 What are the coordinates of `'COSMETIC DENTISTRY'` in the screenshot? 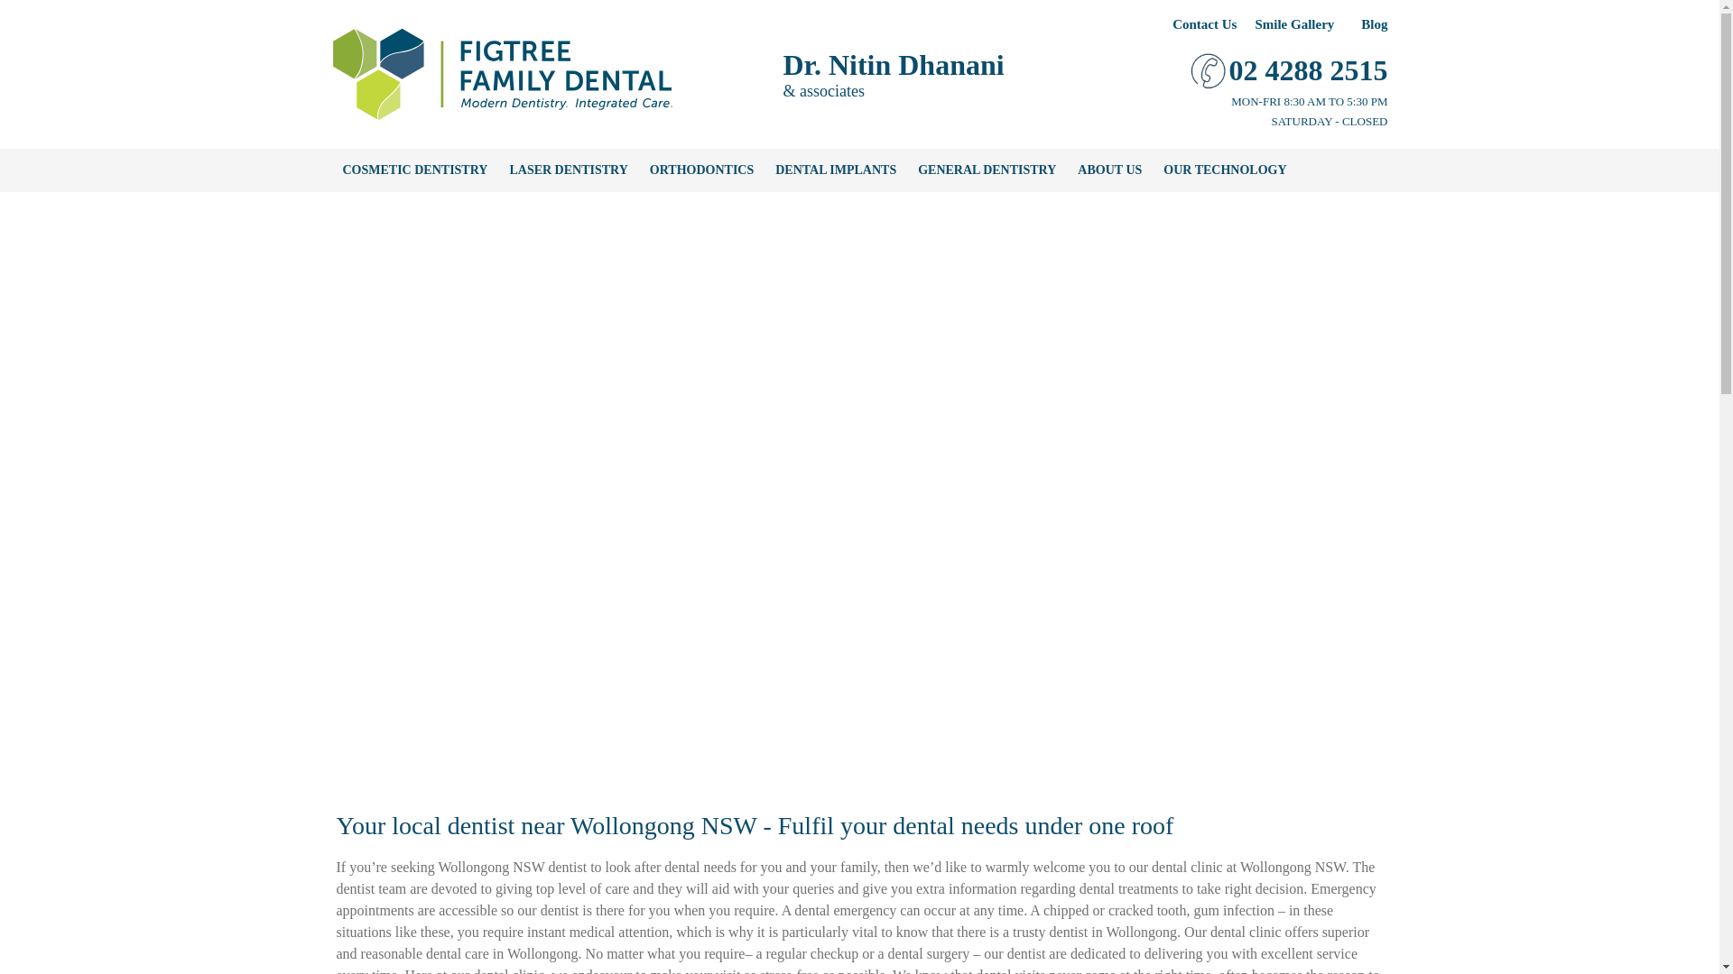 It's located at (332, 170).